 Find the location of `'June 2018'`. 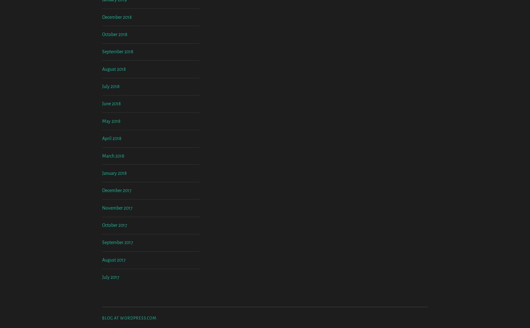

'June 2018' is located at coordinates (102, 155).